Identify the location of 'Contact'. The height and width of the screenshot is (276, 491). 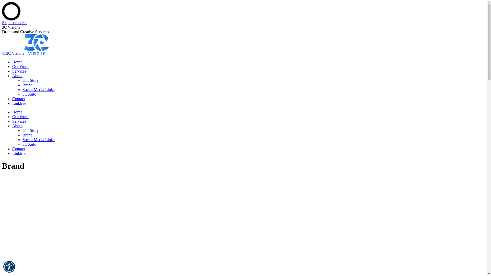
(18, 149).